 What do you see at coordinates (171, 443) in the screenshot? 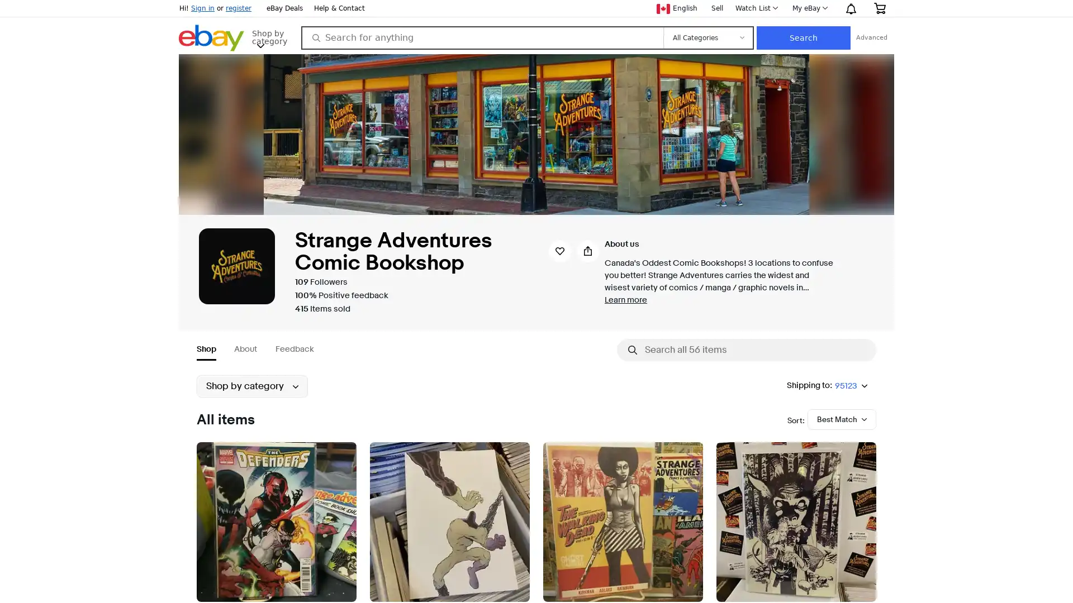
I see `Submenu of Collectibles` at bounding box center [171, 443].